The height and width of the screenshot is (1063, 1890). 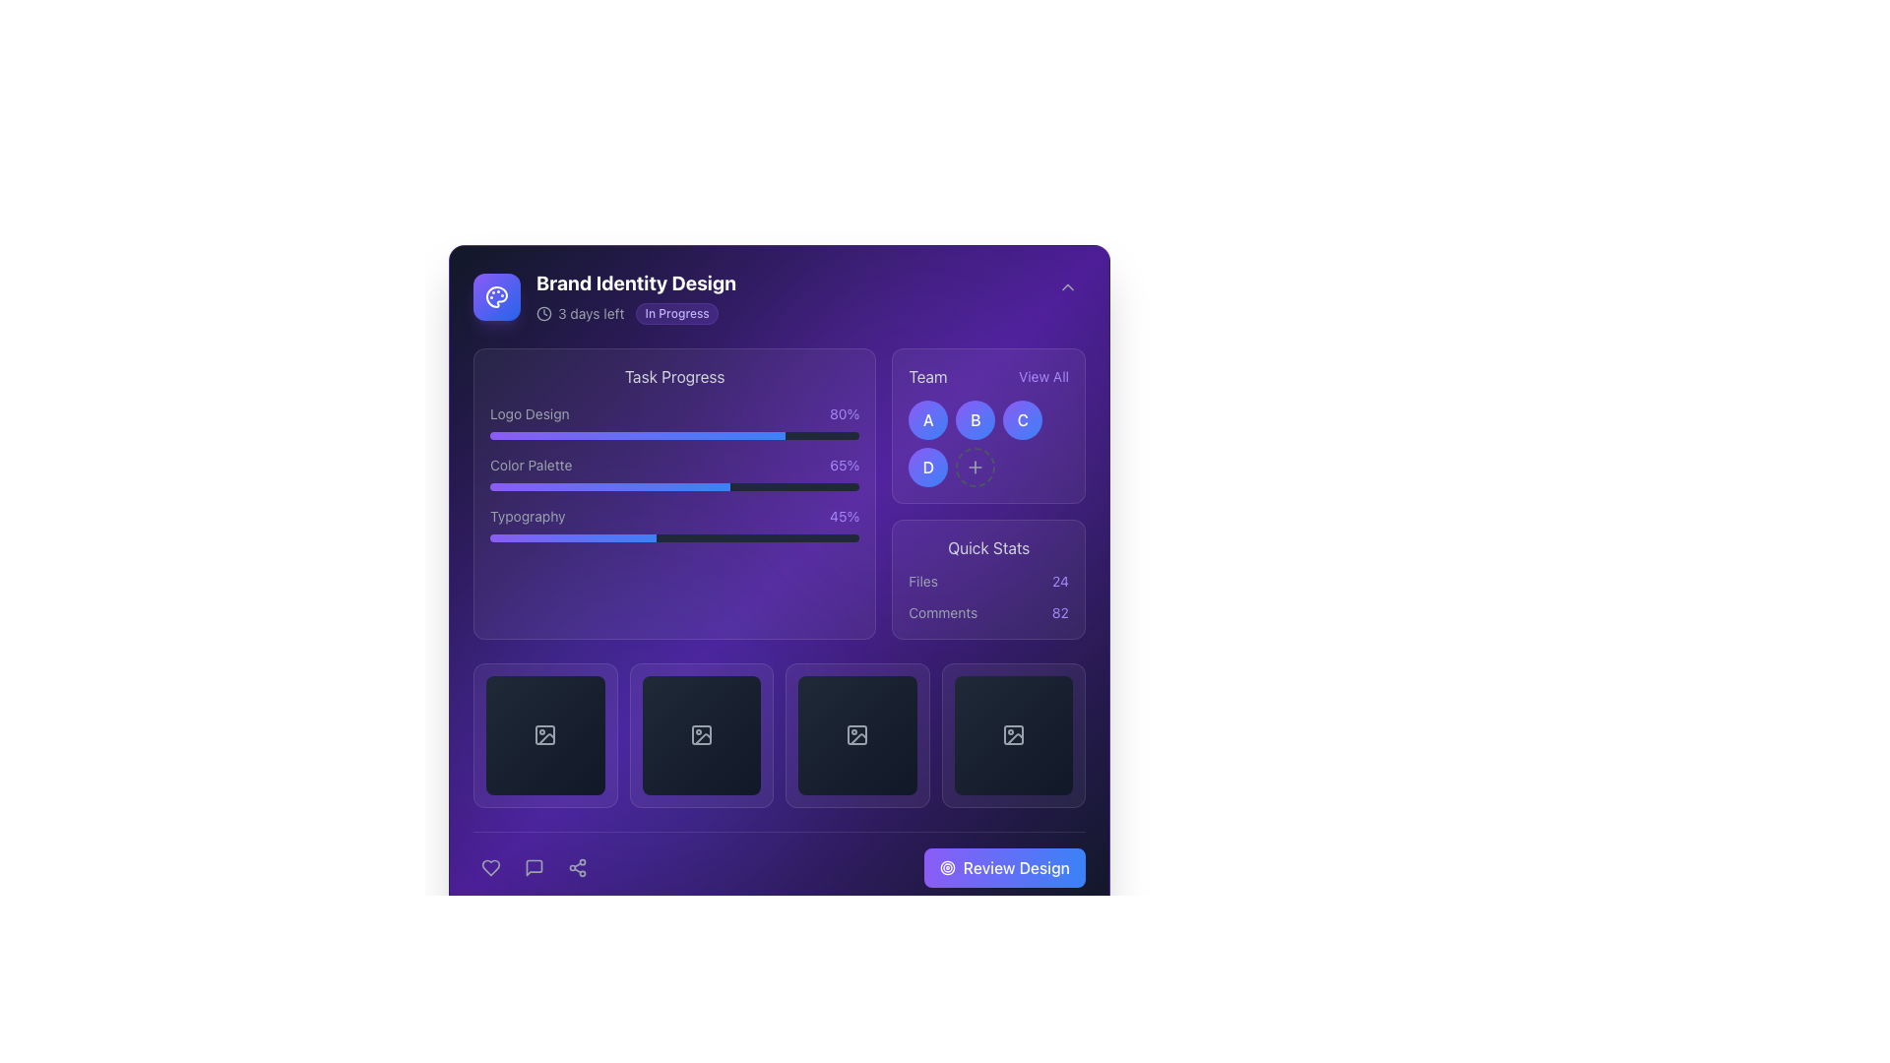 What do you see at coordinates (576, 866) in the screenshot?
I see `the rightmost sharing action button located in the bottommost section of the interface to initiate a sharing action` at bounding box center [576, 866].